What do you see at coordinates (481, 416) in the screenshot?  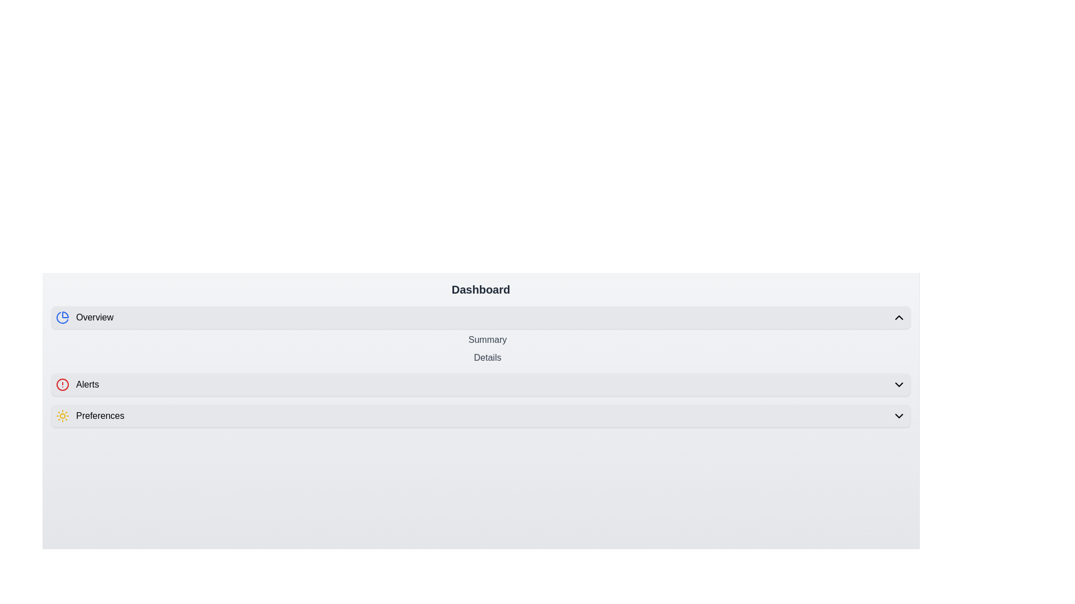 I see `the interactive button located below the 'Alerts' section, which serves as a UI component` at bounding box center [481, 416].